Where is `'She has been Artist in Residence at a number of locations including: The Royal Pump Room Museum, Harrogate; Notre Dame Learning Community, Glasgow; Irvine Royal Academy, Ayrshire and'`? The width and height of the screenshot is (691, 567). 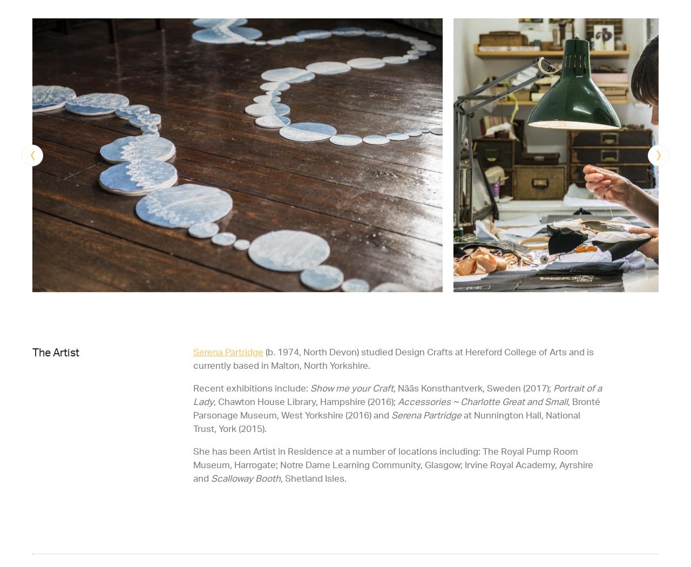
'She has been Artist in Residence at a number of locations including: The Royal Pump Room Museum, Harrogate; Notre Dame Learning Community, Glasgow; Irvine Royal Academy, Ayrshire and' is located at coordinates (392, 464).